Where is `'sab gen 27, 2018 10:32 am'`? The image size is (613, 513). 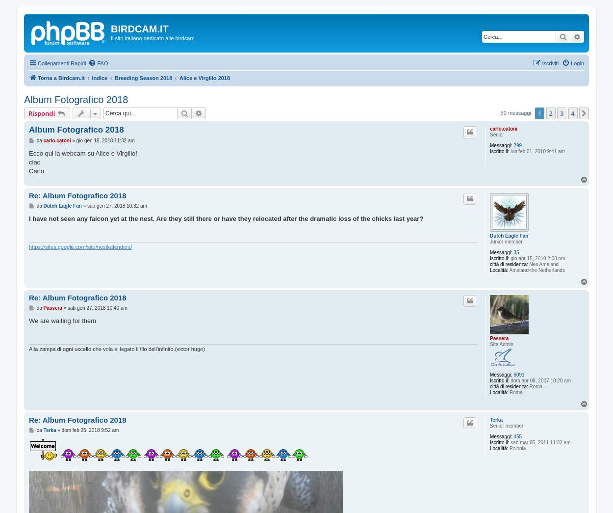
'sab gen 27, 2018 10:32 am' is located at coordinates (116, 205).